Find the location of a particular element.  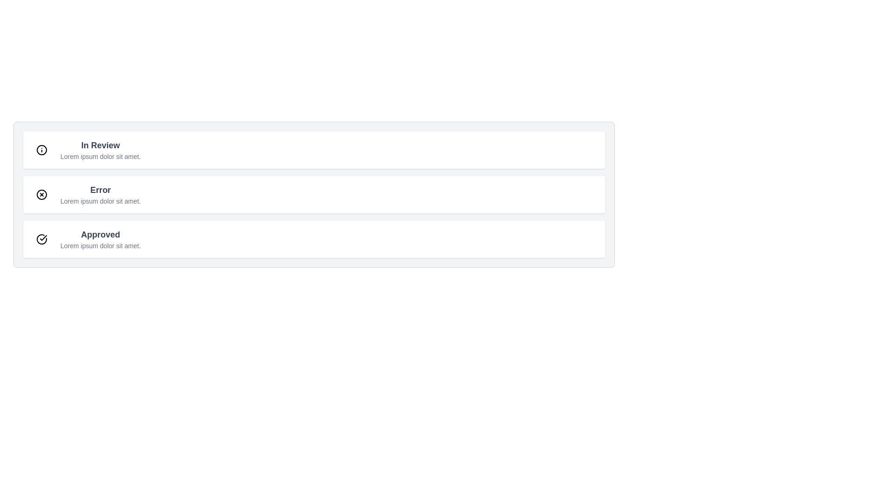

the Notification card that displays an error message, which is the second card in a vertically stacked list of three cards is located at coordinates (314, 194).